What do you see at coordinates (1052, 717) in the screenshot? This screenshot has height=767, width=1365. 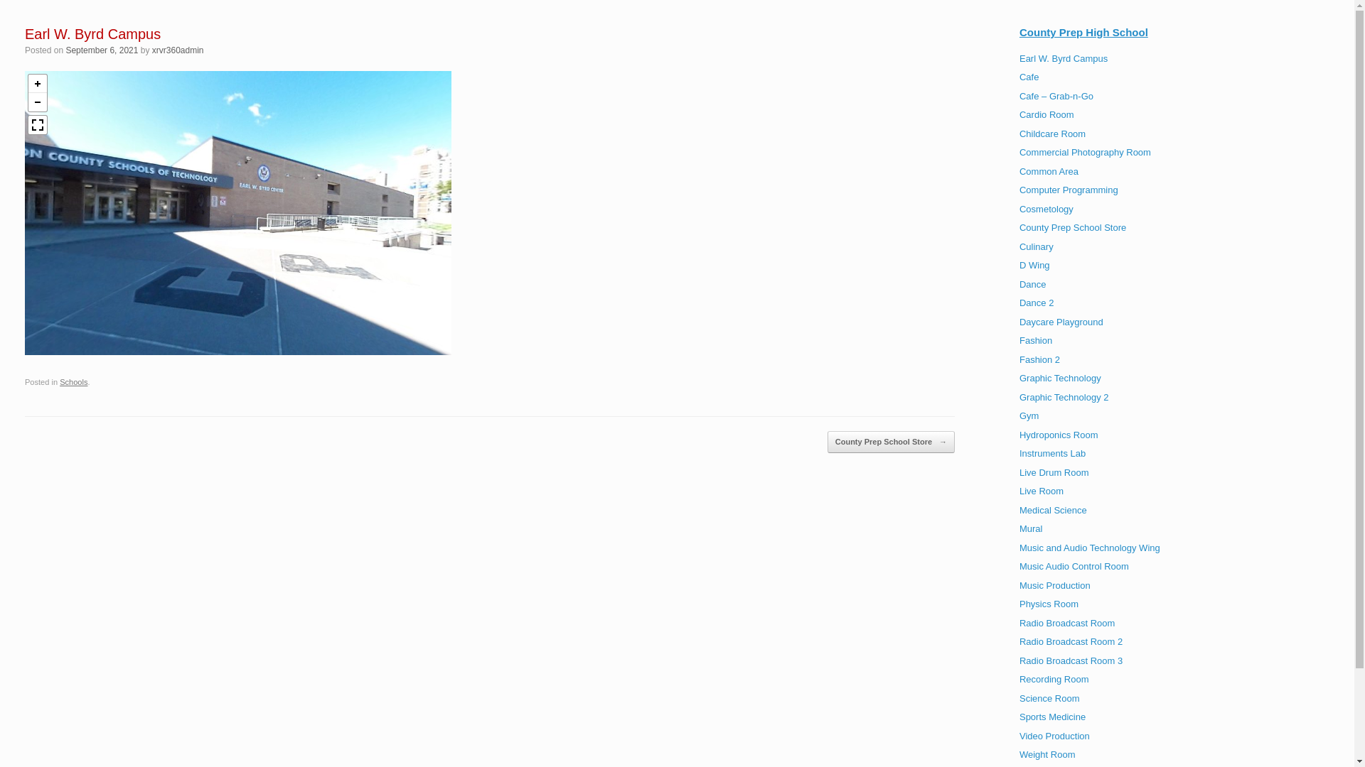 I see `'Sports Medicine'` at bounding box center [1052, 717].